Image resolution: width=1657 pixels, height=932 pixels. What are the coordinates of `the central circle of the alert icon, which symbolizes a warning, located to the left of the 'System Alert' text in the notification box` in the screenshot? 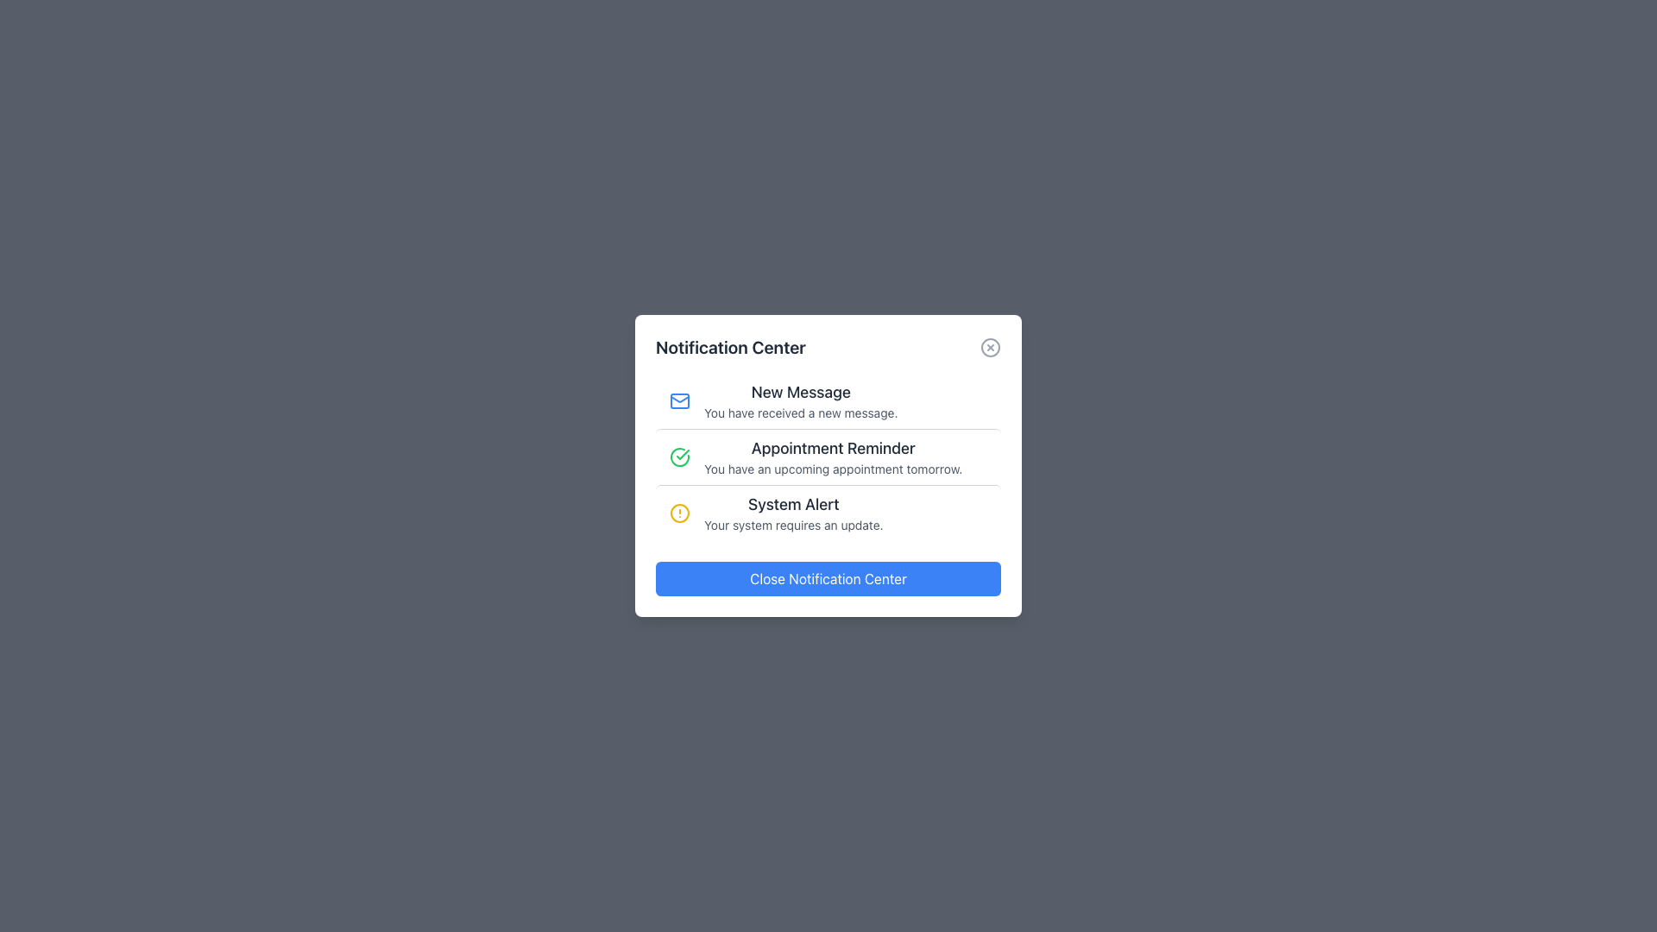 It's located at (678, 512).